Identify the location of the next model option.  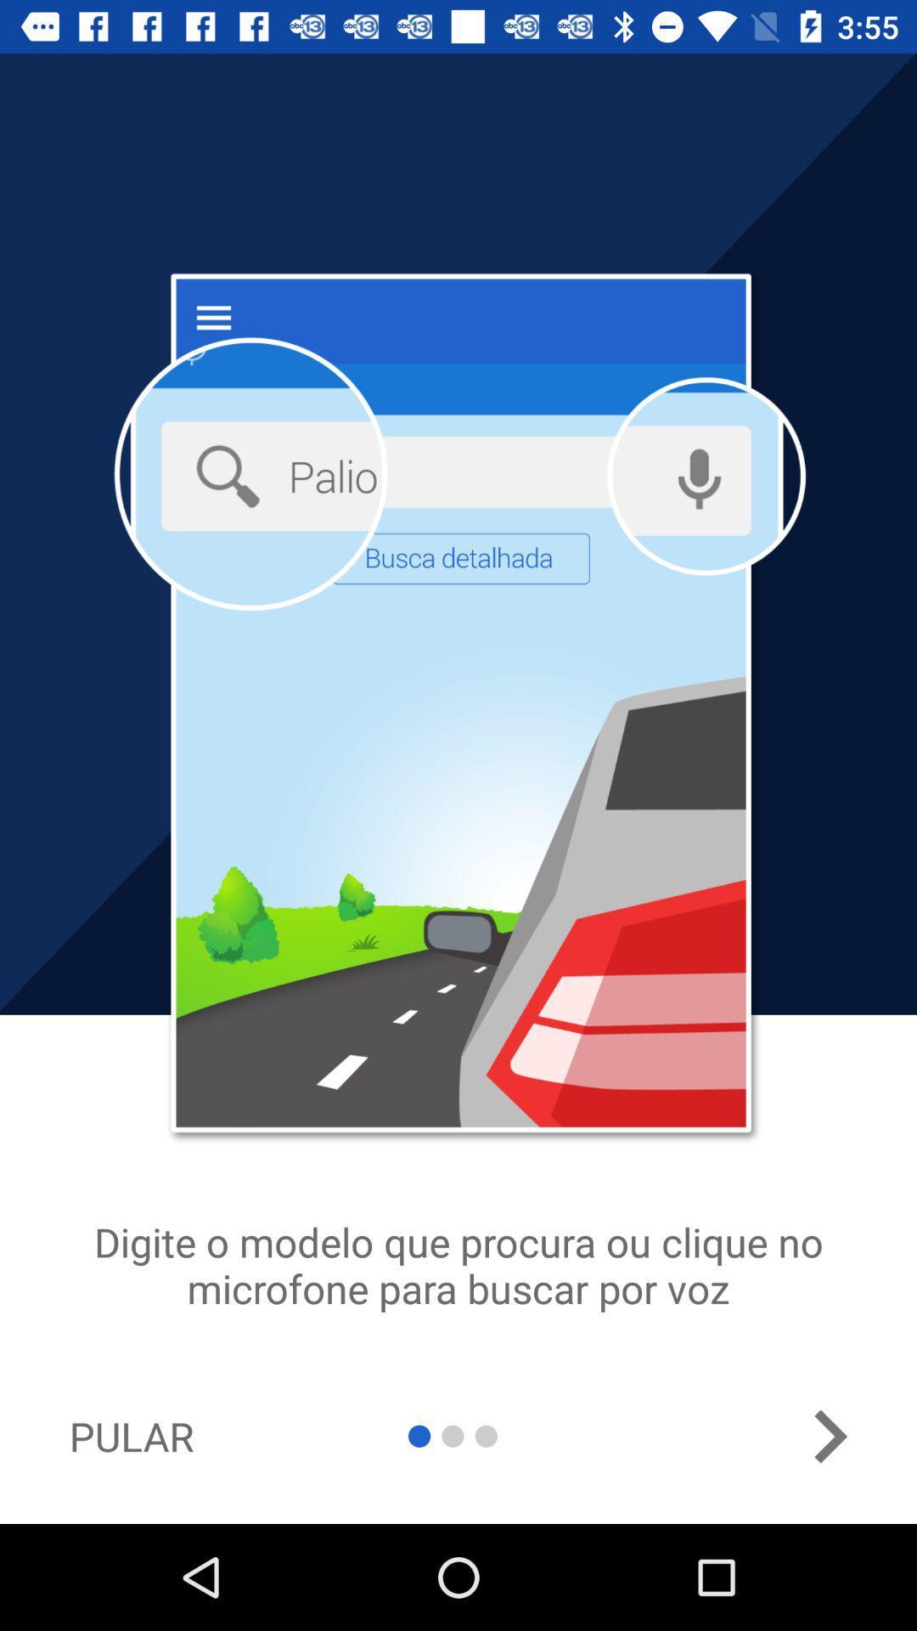
(829, 1436).